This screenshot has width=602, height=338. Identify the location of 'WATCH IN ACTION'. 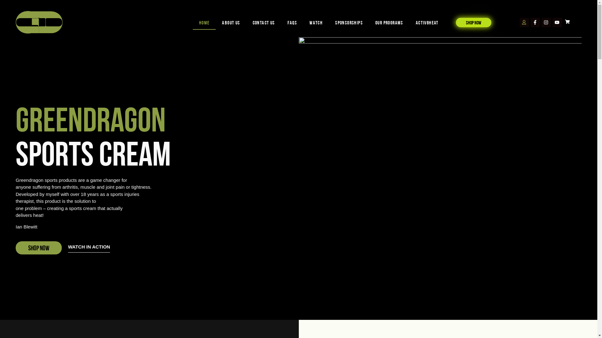
(88, 248).